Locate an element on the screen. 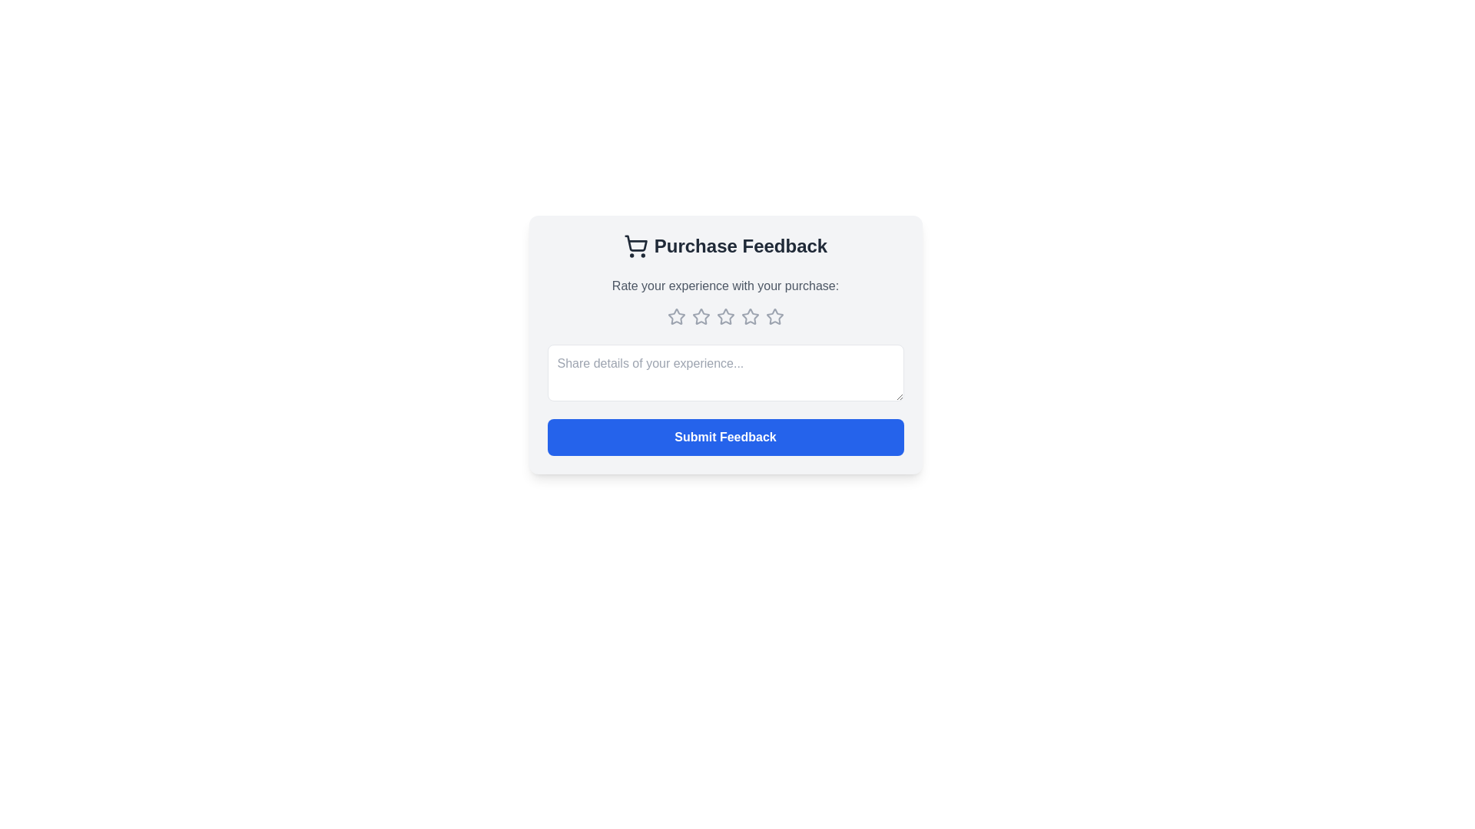 Image resolution: width=1475 pixels, height=829 pixels. from the center of the third clickable star icon in the rating section of the feedback form for potential other interactions is located at coordinates (724, 315).